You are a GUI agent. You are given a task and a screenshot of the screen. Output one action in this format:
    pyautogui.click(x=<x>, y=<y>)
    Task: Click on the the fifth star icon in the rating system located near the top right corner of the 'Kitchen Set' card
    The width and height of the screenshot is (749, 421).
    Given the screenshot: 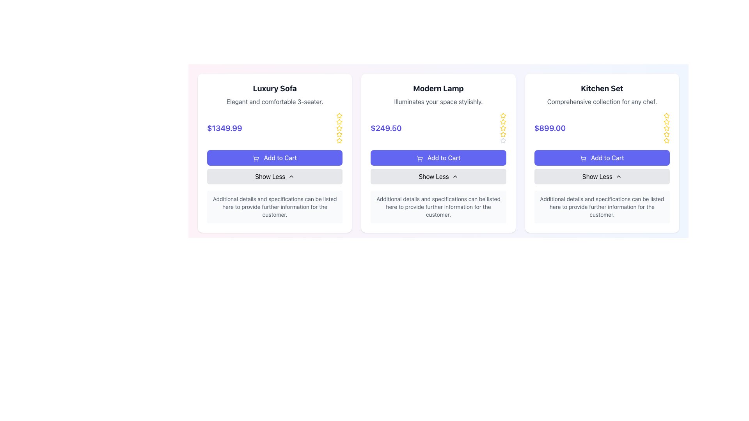 What is the action you would take?
    pyautogui.click(x=666, y=140)
    